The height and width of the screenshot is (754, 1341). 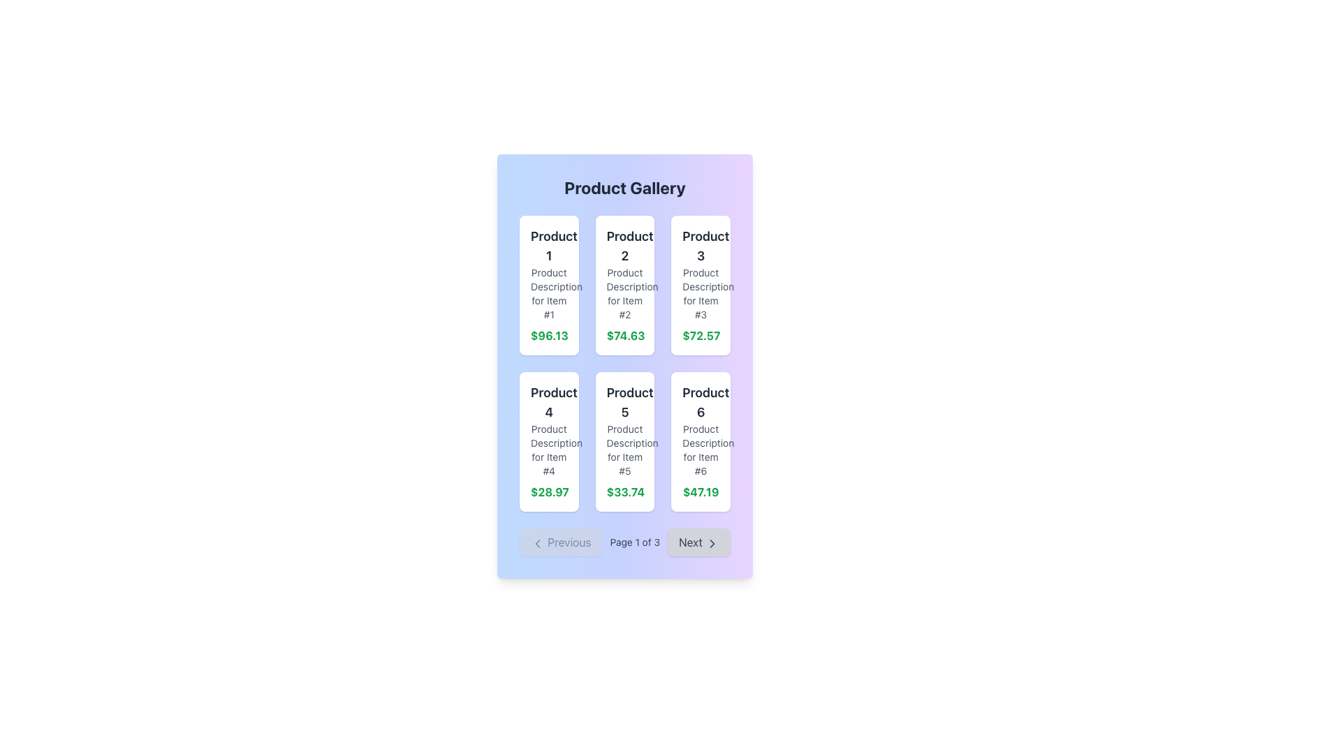 What do you see at coordinates (701, 284) in the screenshot?
I see `the Product Card displaying 'Product 3' with a white background and rounded corners, located in the top right corner of the Product Gallery grid` at bounding box center [701, 284].